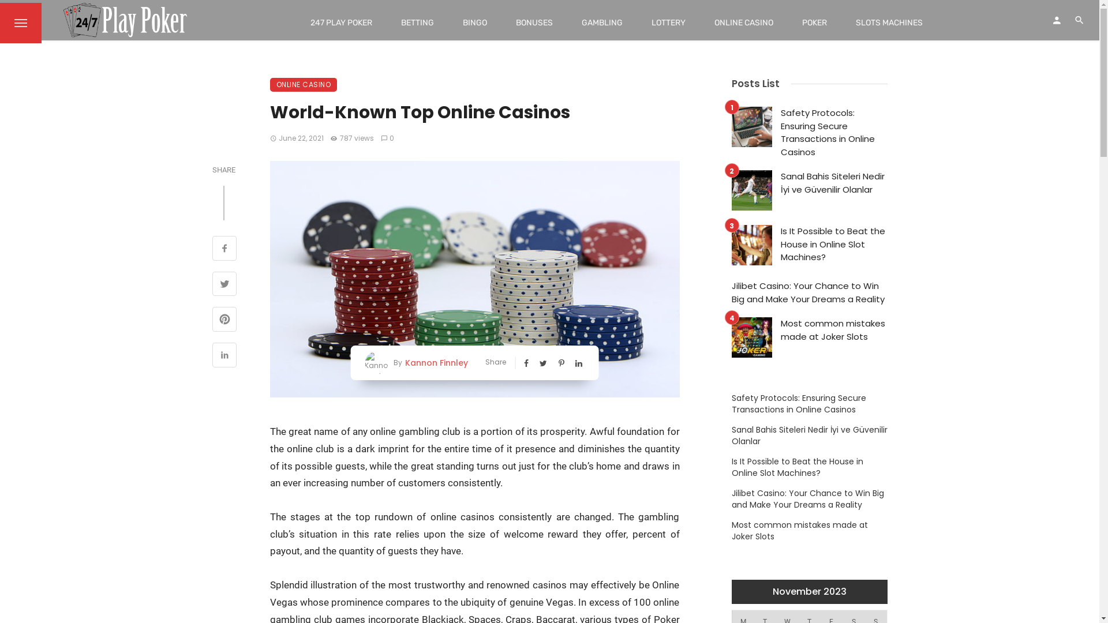  I want to click on 'Kannon Finnley', so click(402, 362).